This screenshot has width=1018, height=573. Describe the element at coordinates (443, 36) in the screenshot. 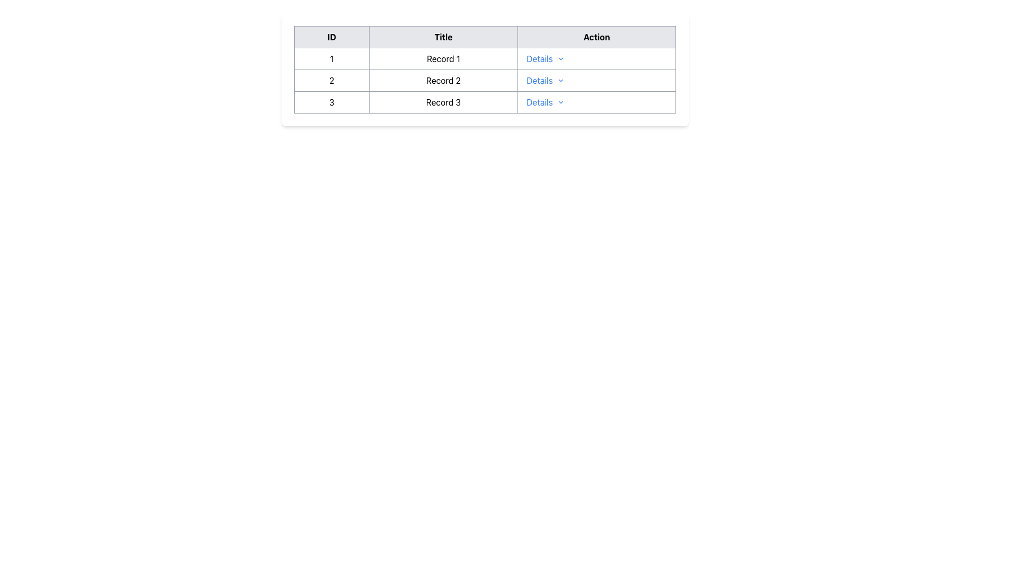

I see `title text from the header cell labeled 'Title', which is the second column header in a three-column table, positioned between 'ID' and 'Action'` at that location.